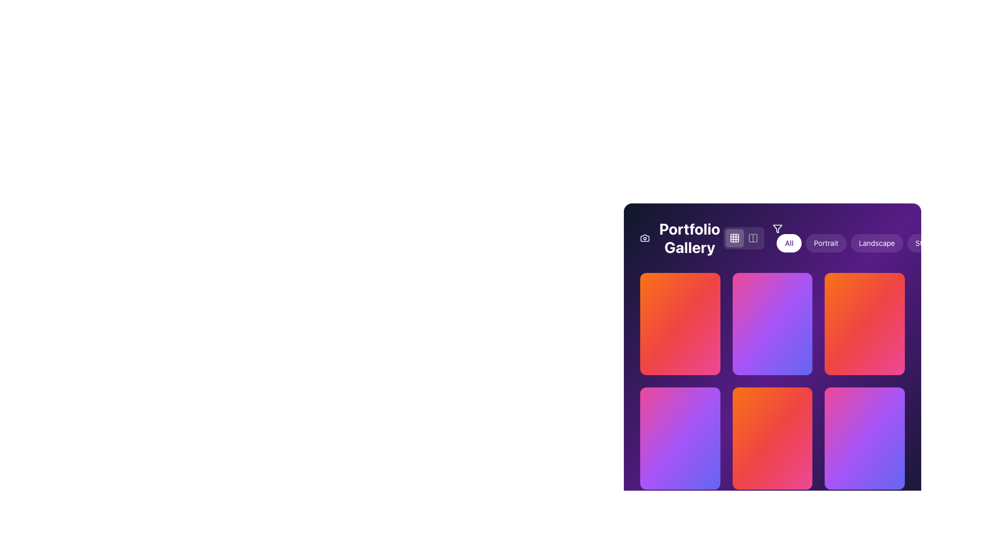 The image size is (981, 552). I want to click on the graphical icon component, which is a small rectangle with rounded corners representing a grid layout, located at the center of a 3x3 grid icon adjacent to the 'Portfolio Gallery' text header, so click(734, 238).